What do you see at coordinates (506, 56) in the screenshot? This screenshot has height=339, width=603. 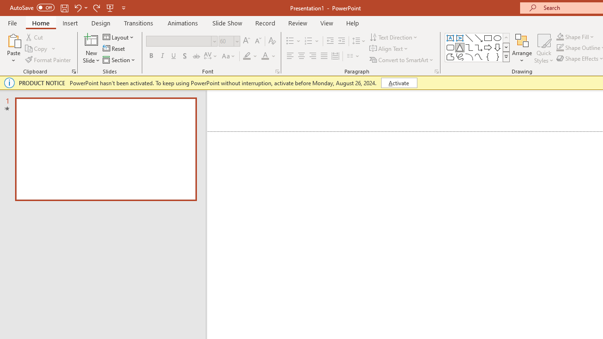 I see `'Class: NetUIImage'` at bounding box center [506, 56].